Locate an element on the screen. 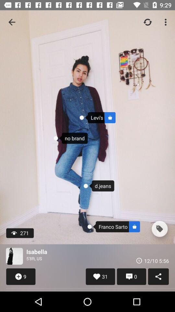 This screenshot has height=312, width=175. the label icon is located at coordinates (159, 229).